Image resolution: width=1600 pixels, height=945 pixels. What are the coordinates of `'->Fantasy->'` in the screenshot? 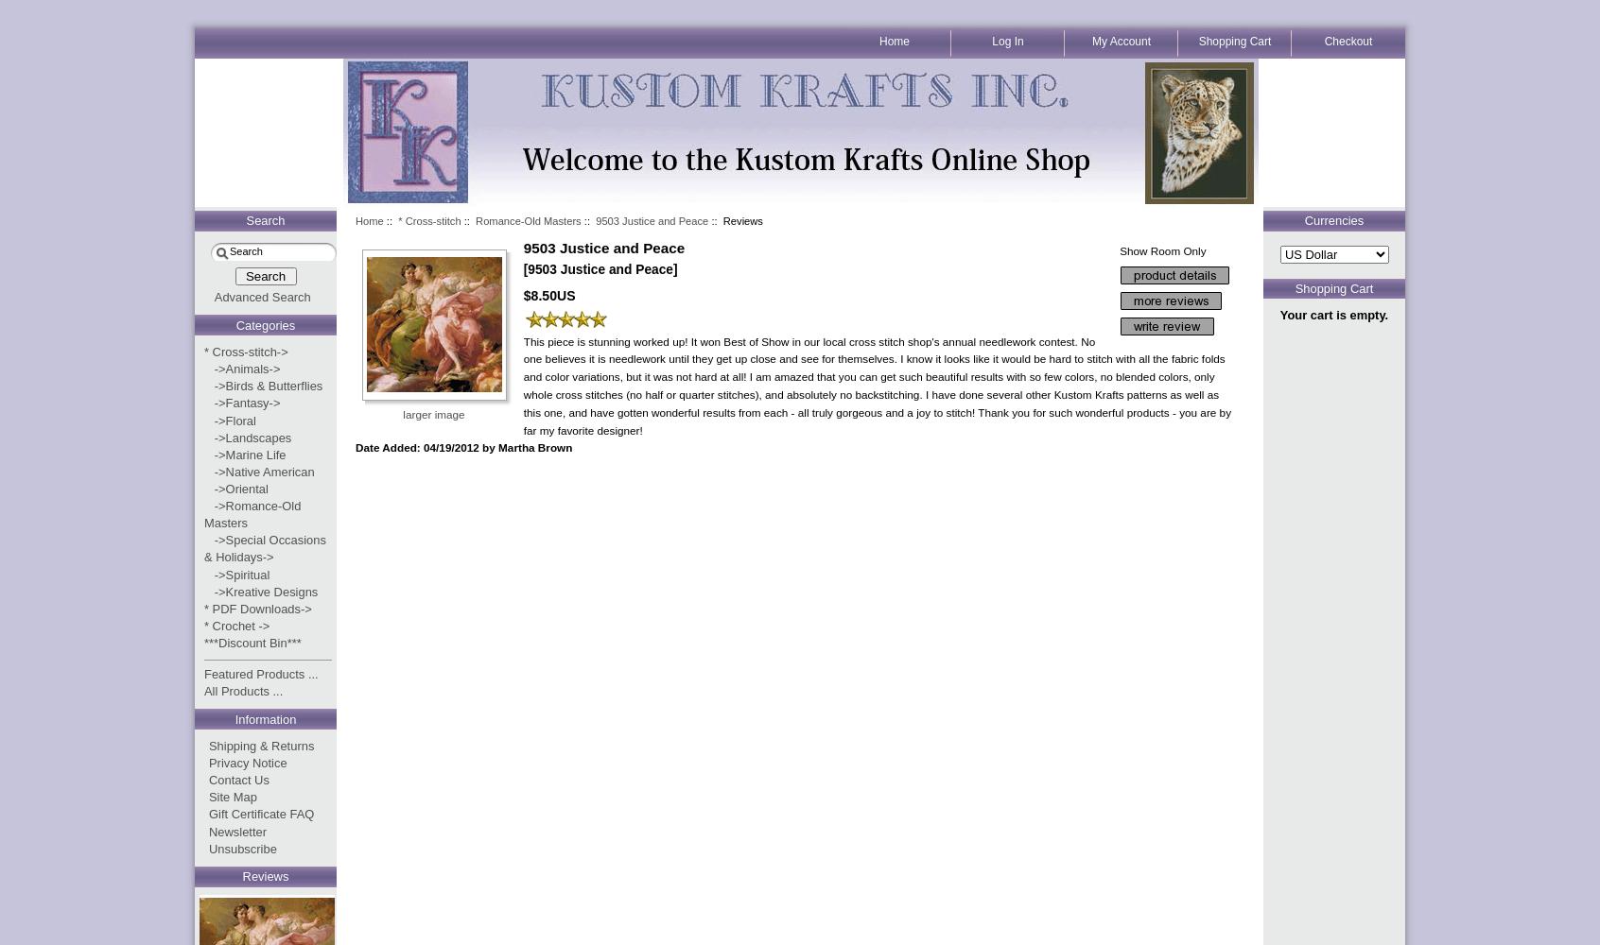 It's located at (241, 403).